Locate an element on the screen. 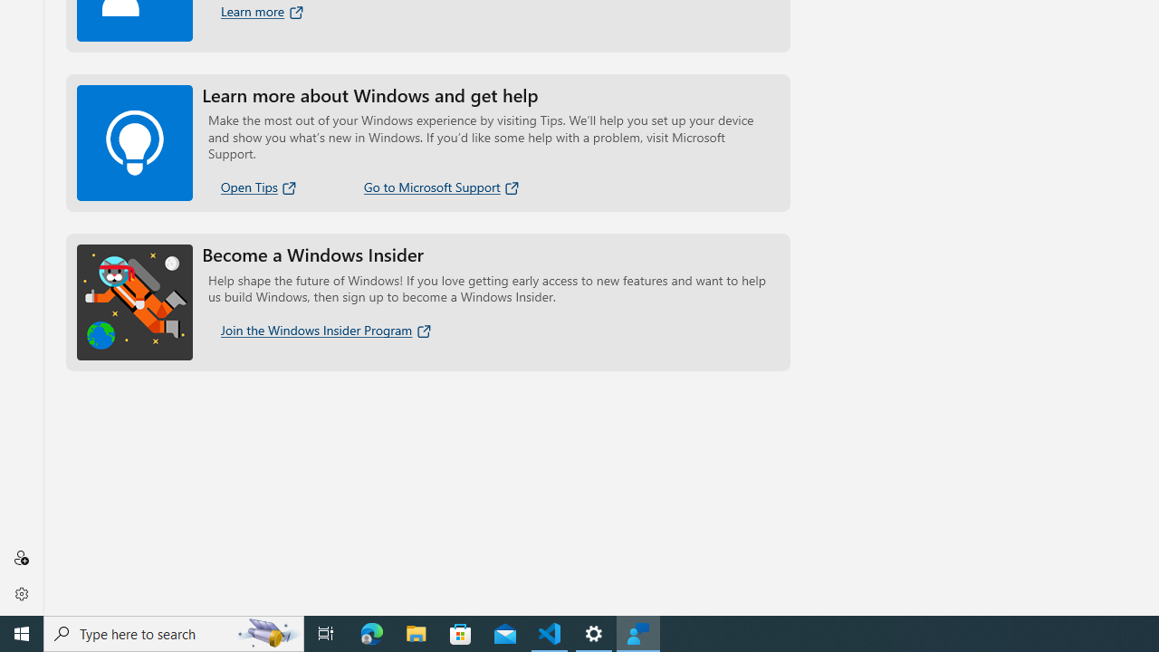 The image size is (1159, 652). 'Settings - 1 running window' is located at coordinates (594, 632).